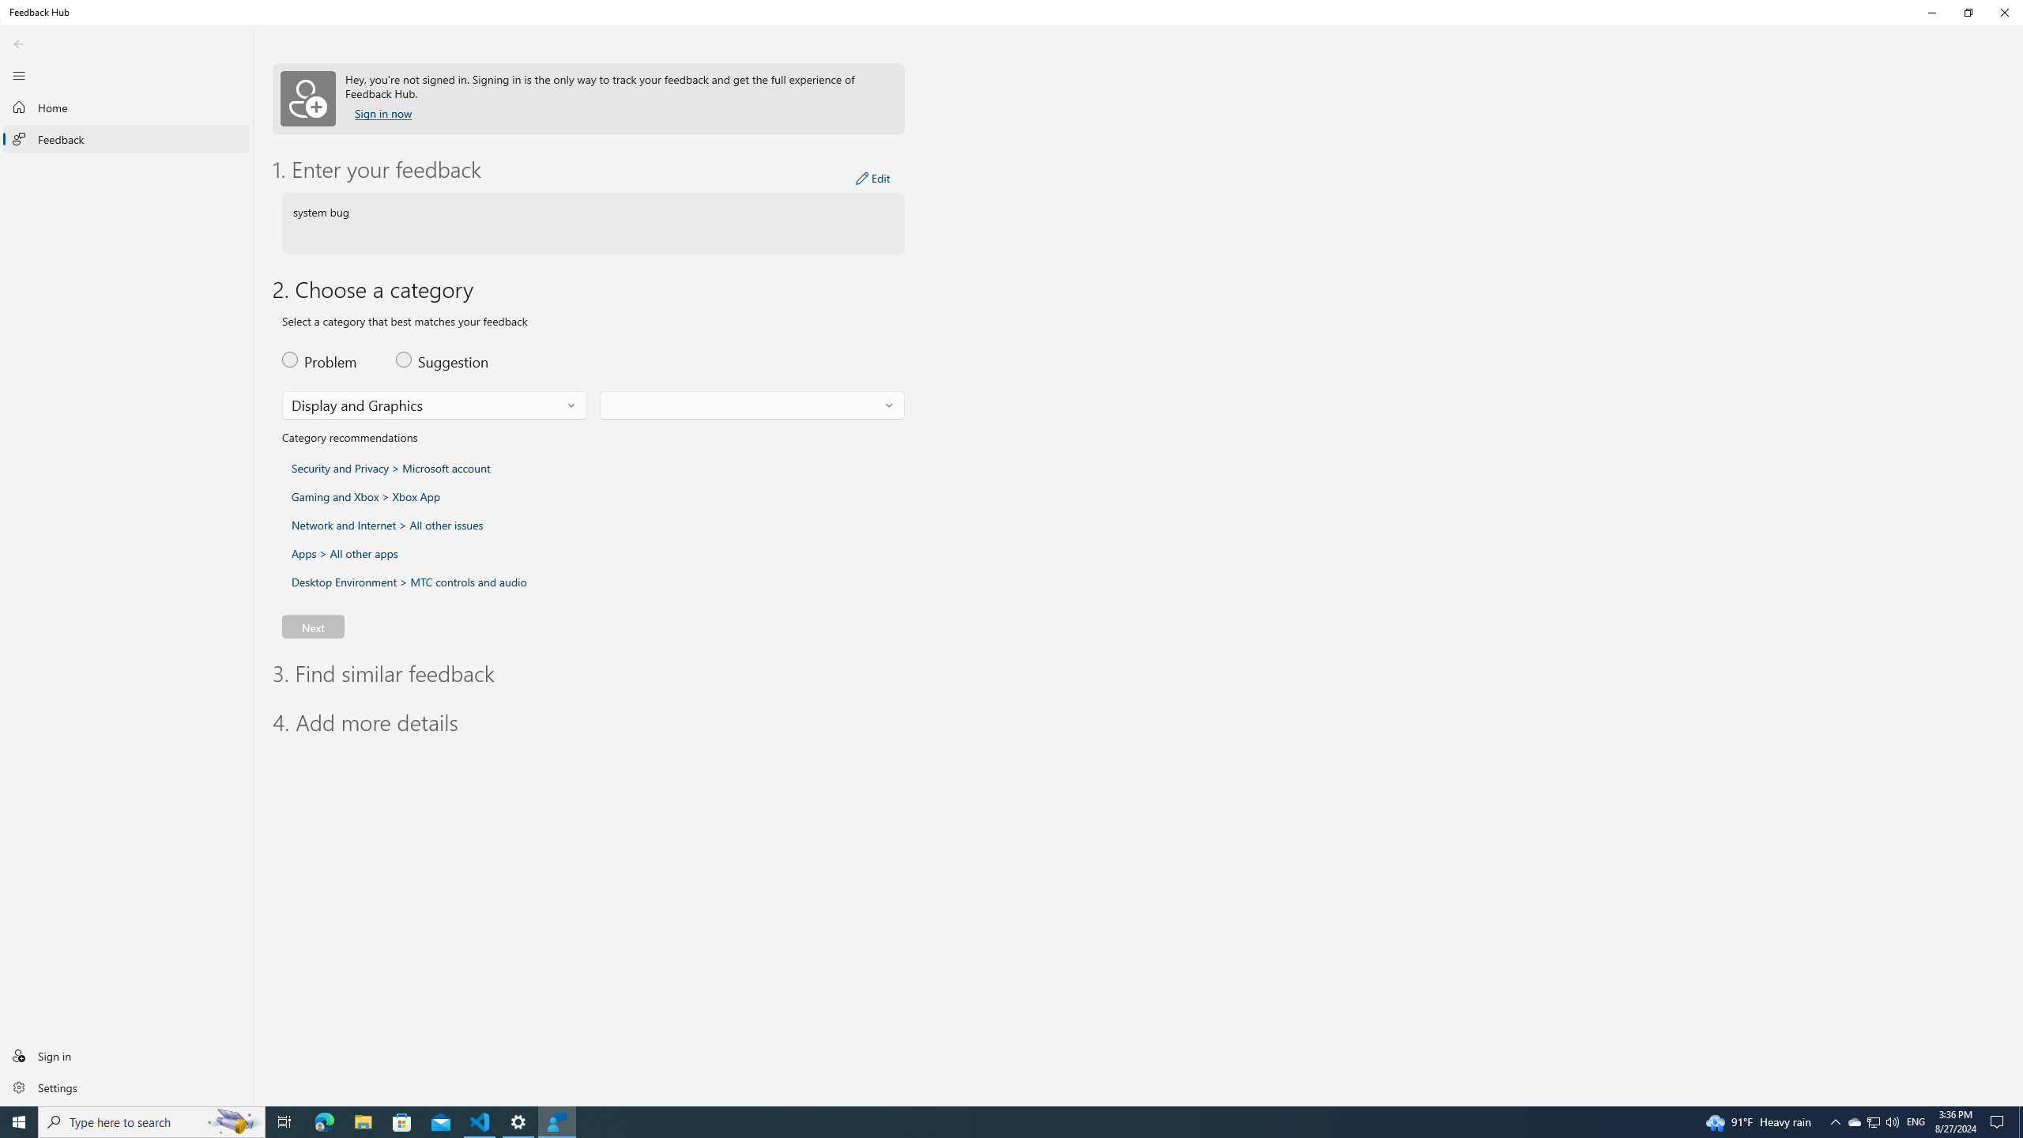  What do you see at coordinates (1931, 12) in the screenshot?
I see `'Minimize Feedback Hub'` at bounding box center [1931, 12].